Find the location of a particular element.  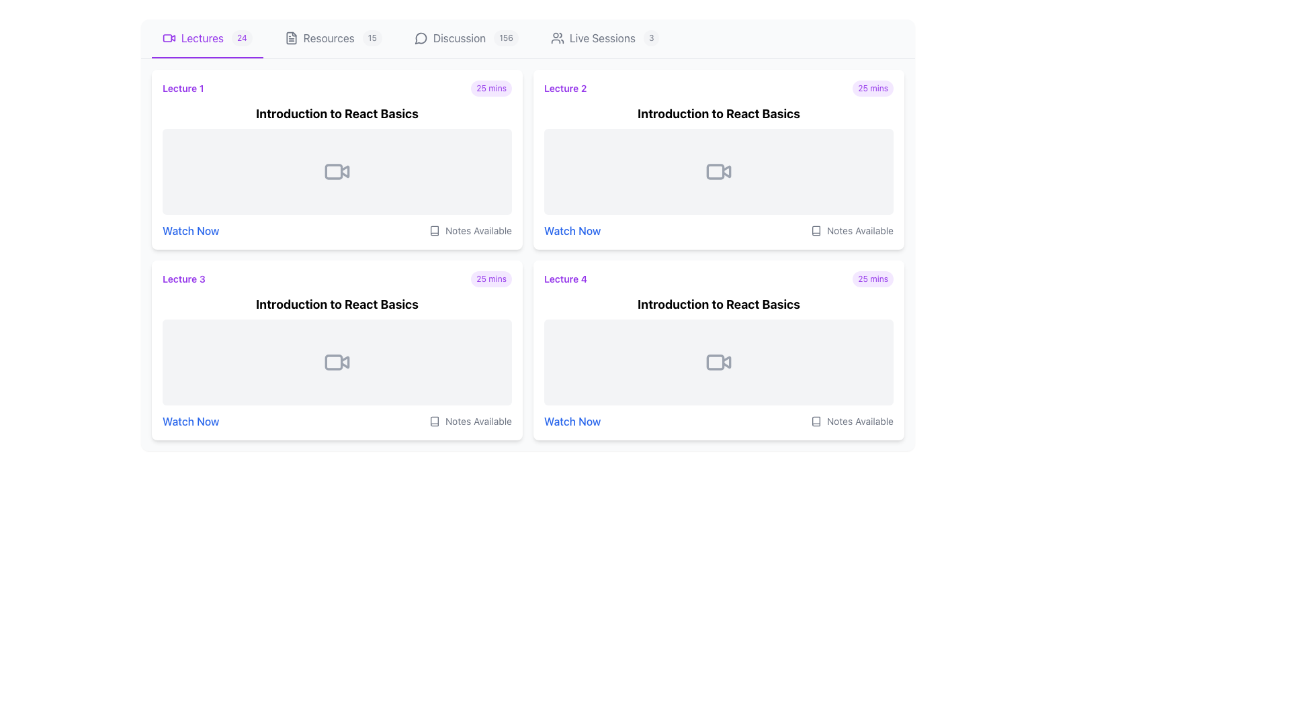

the text label displaying 'Notes Available', which is located in the bottom-right corner of the fourth lecture card, styled in gray and positioned next to a book icon is located at coordinates (478, 421).